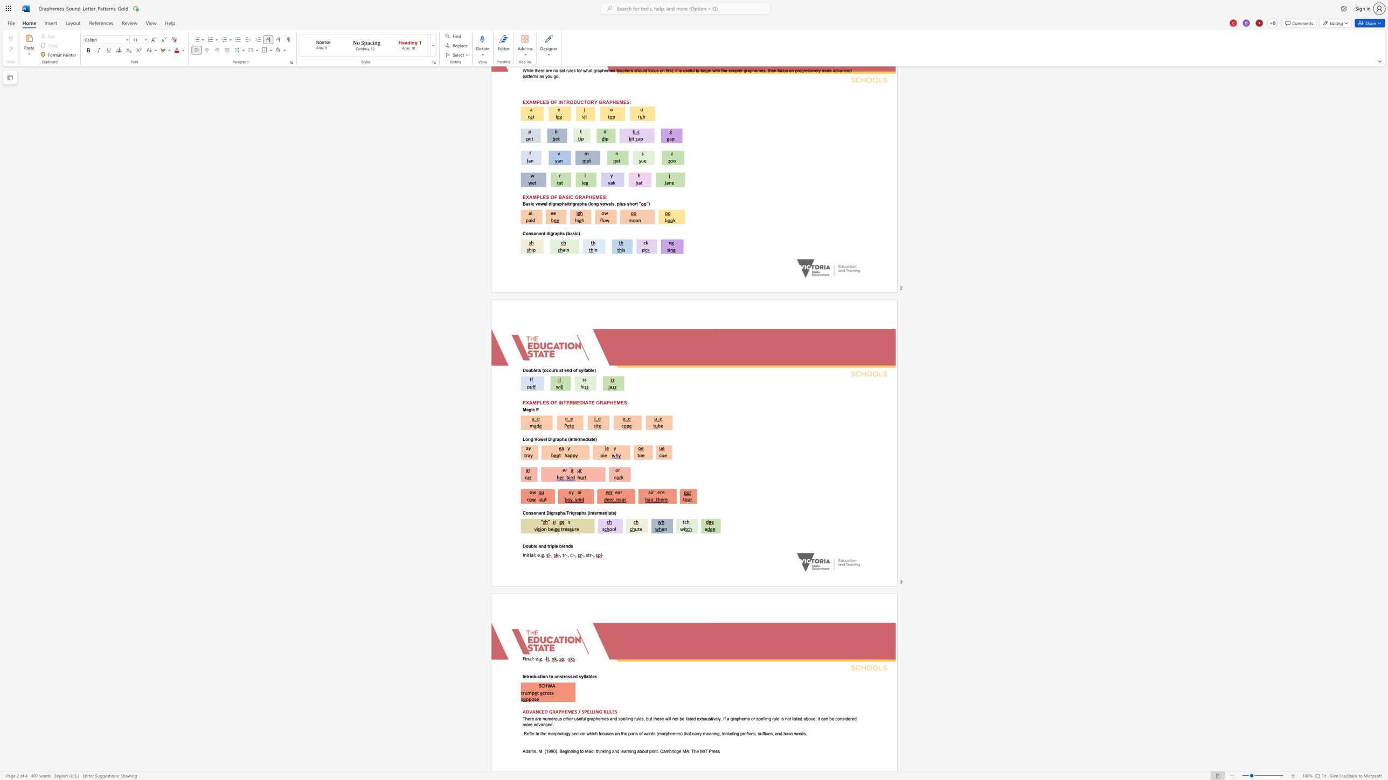  I want to click on the space between the continuous character "e" and "r" in the text, so click(530, 718).